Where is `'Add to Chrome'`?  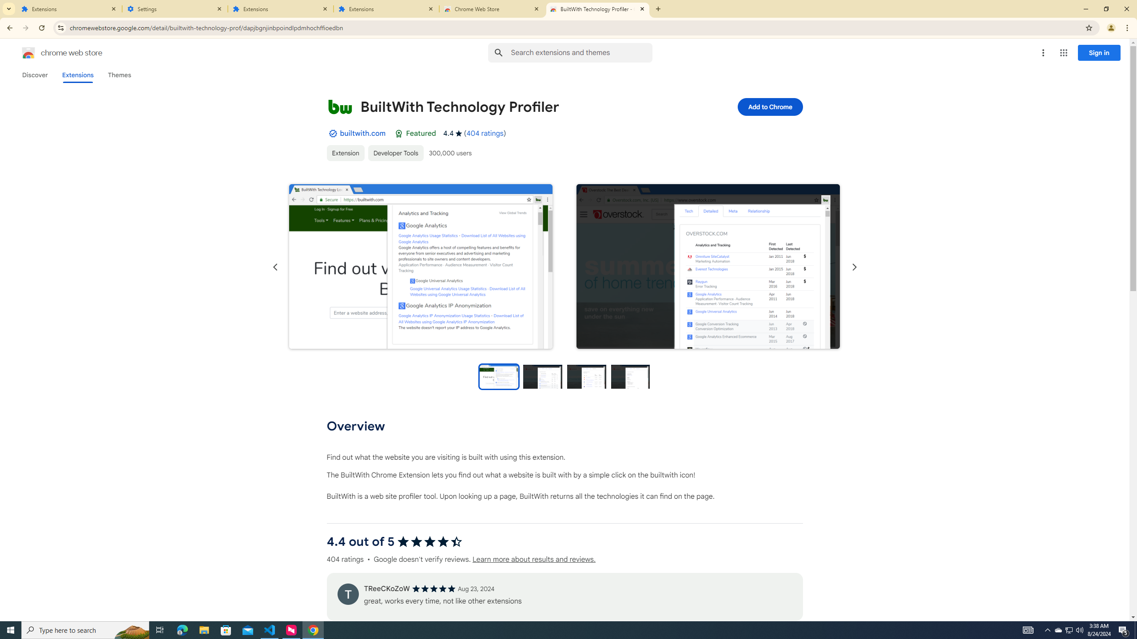 'Add to Chrome' is located at coordinates (769, 106).